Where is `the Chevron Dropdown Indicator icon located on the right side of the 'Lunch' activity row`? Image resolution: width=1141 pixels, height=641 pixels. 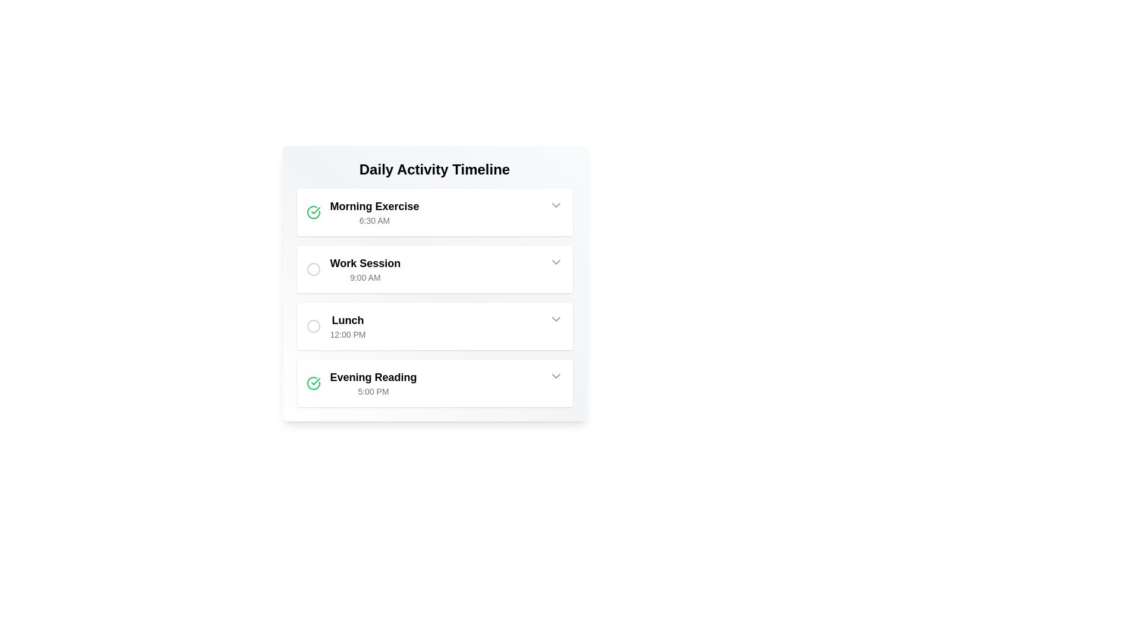
the Chevron Dropdown Indicator icon located on the right side of the 'Lunch' activity row is located at coordinates (555, 318).